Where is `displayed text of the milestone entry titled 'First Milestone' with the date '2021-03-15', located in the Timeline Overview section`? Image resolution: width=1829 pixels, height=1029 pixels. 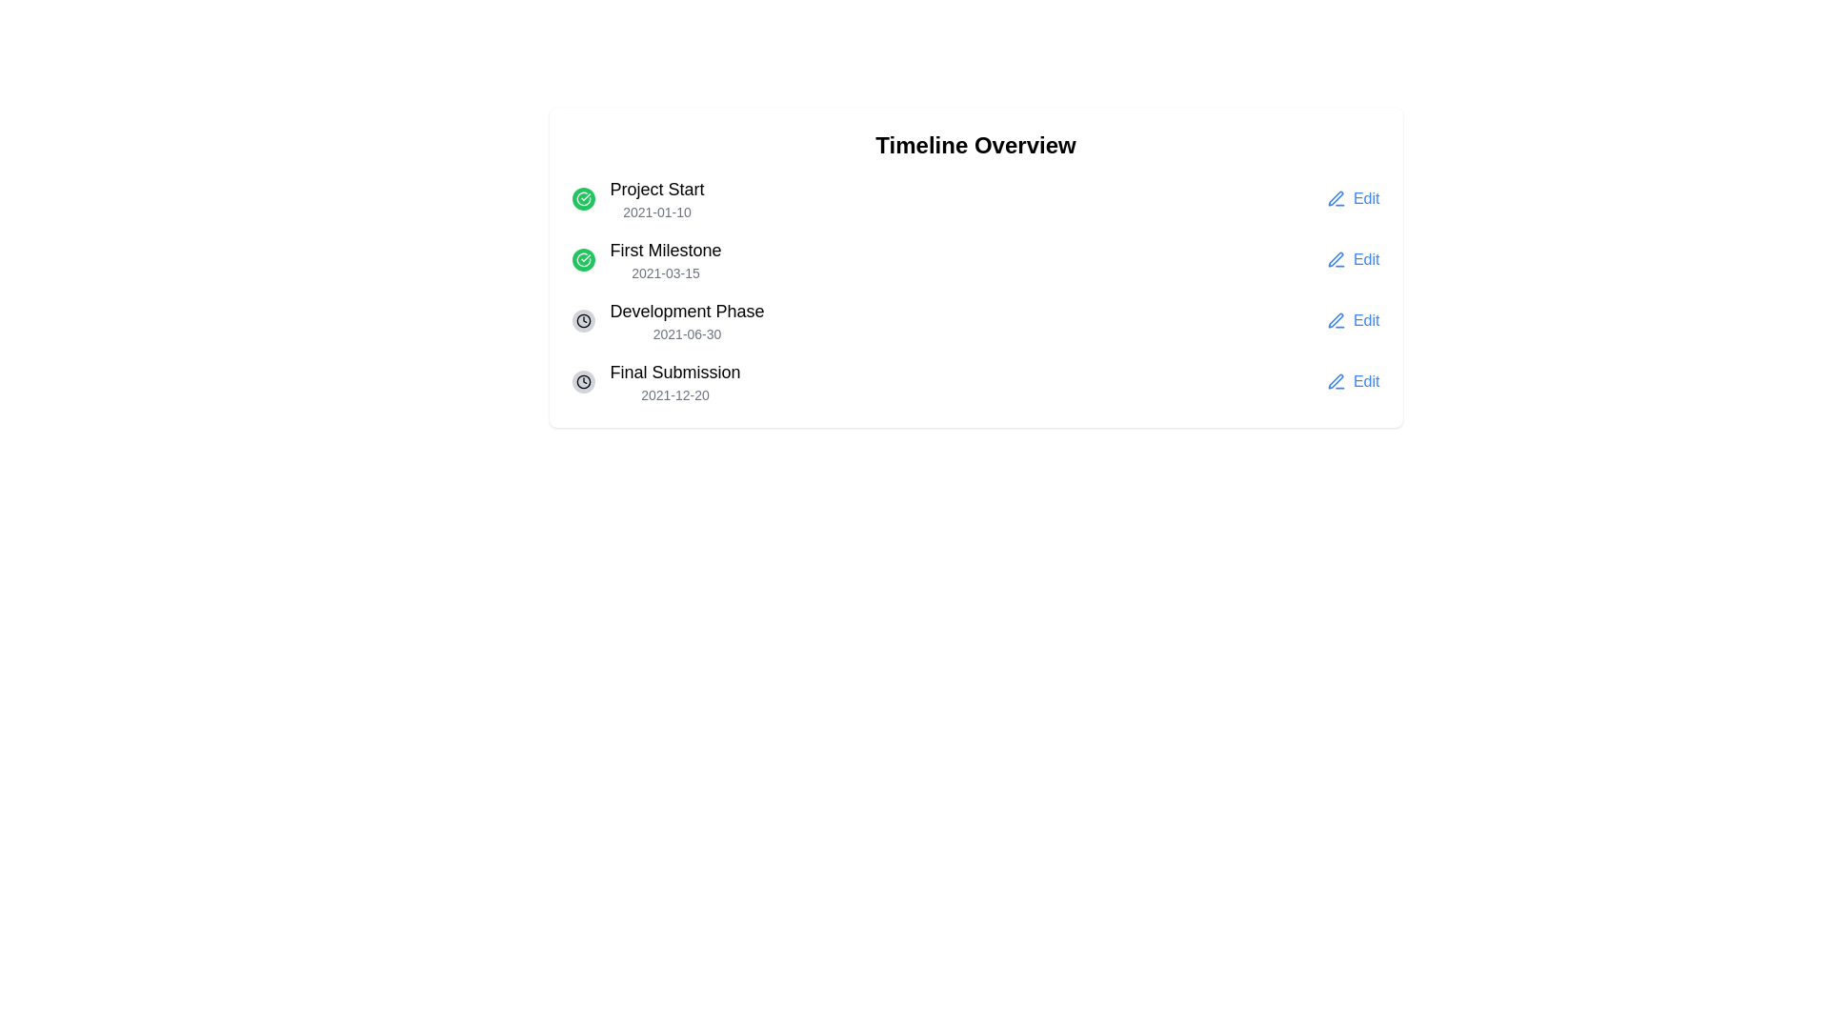
displayed text of the milestone entry titled 'First Milestone' with the date '2021-03-15', located in the Timeline Overview section is located at coordinates (666, 260).